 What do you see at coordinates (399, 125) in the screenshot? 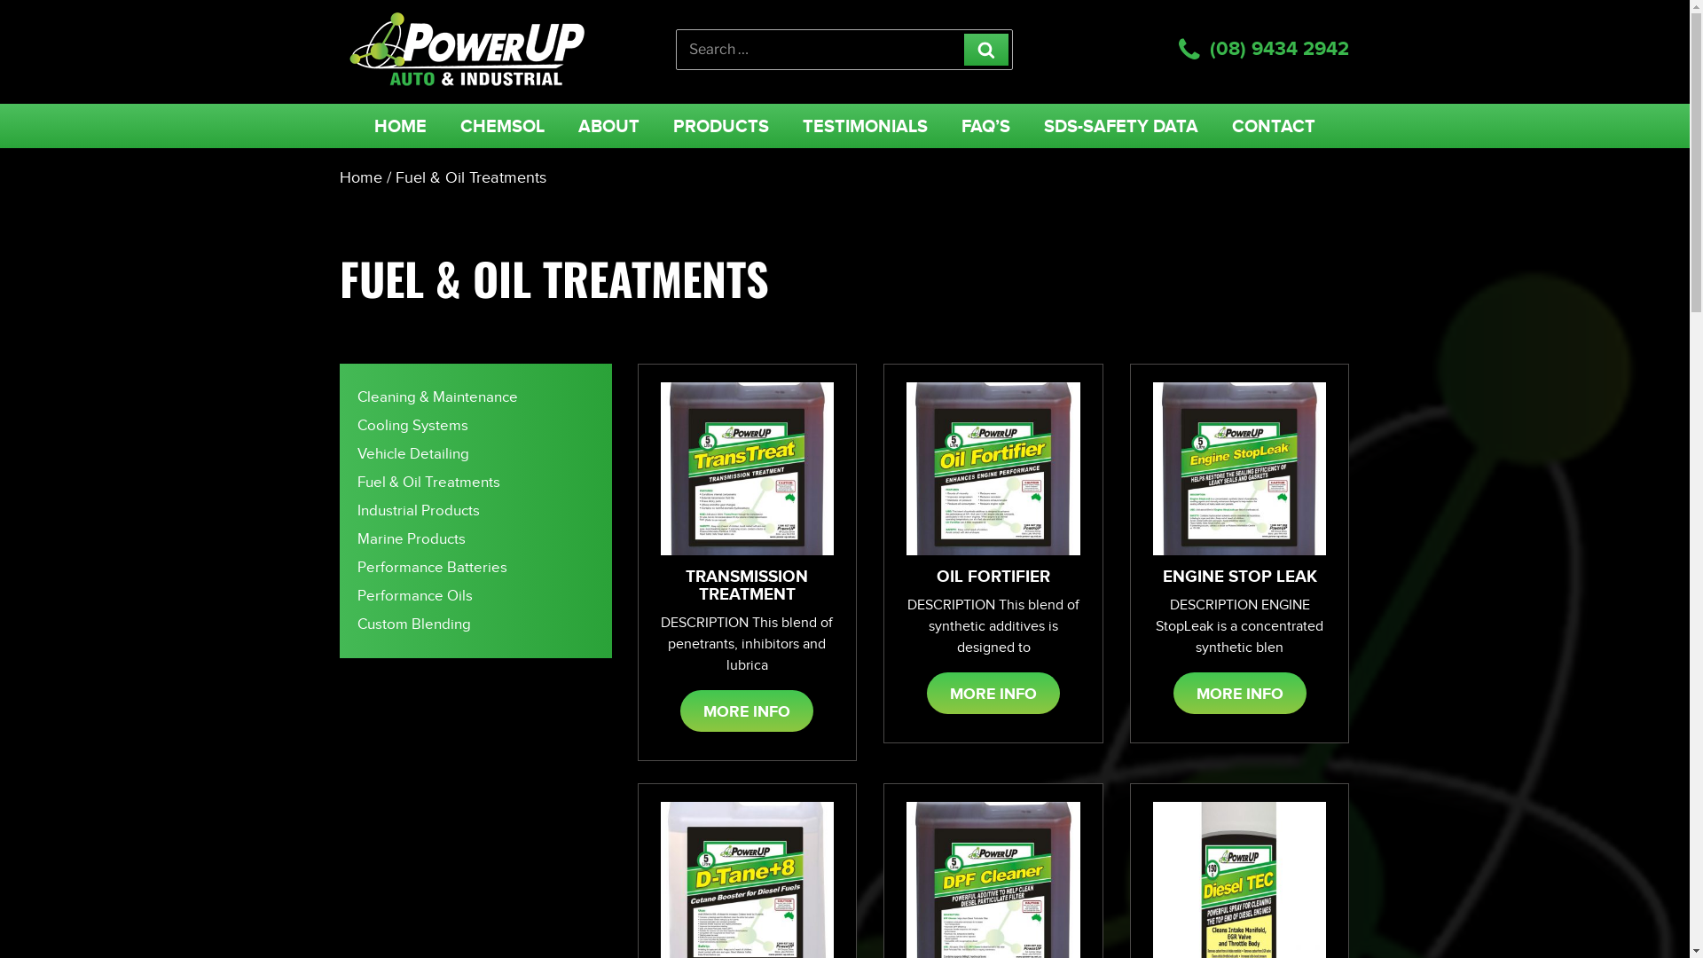
I see `'HOME'` at bounding box center [399, 125].